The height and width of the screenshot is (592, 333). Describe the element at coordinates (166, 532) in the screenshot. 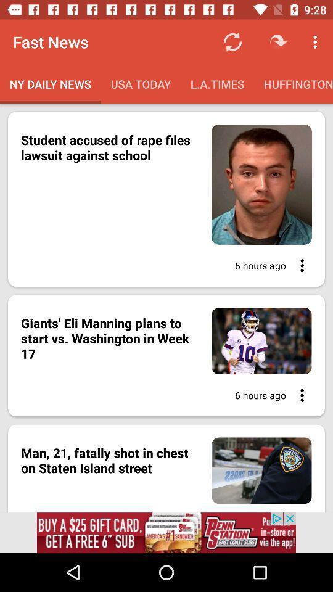

I see `the advertised website` at that location.